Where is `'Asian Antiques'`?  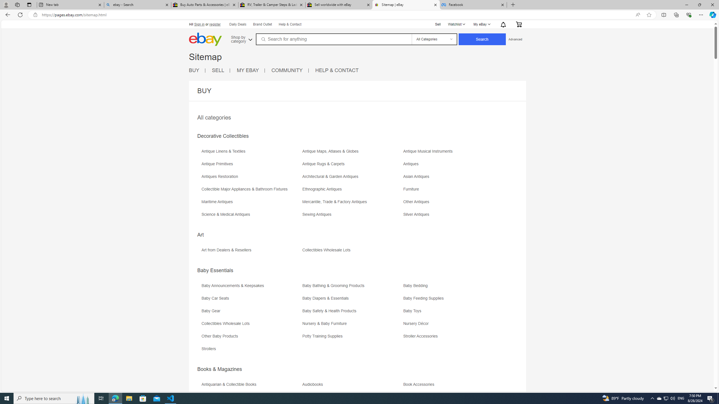 'Asian Antiques' is located at coordinates (453, 178).